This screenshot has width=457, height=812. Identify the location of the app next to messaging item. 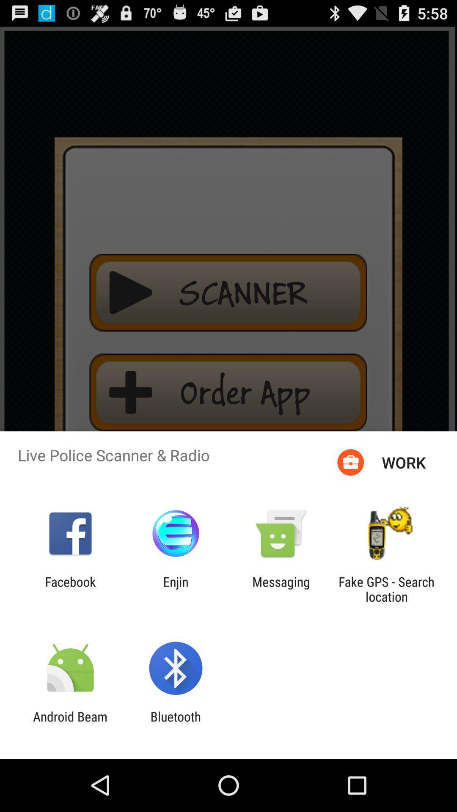
(175, 589).